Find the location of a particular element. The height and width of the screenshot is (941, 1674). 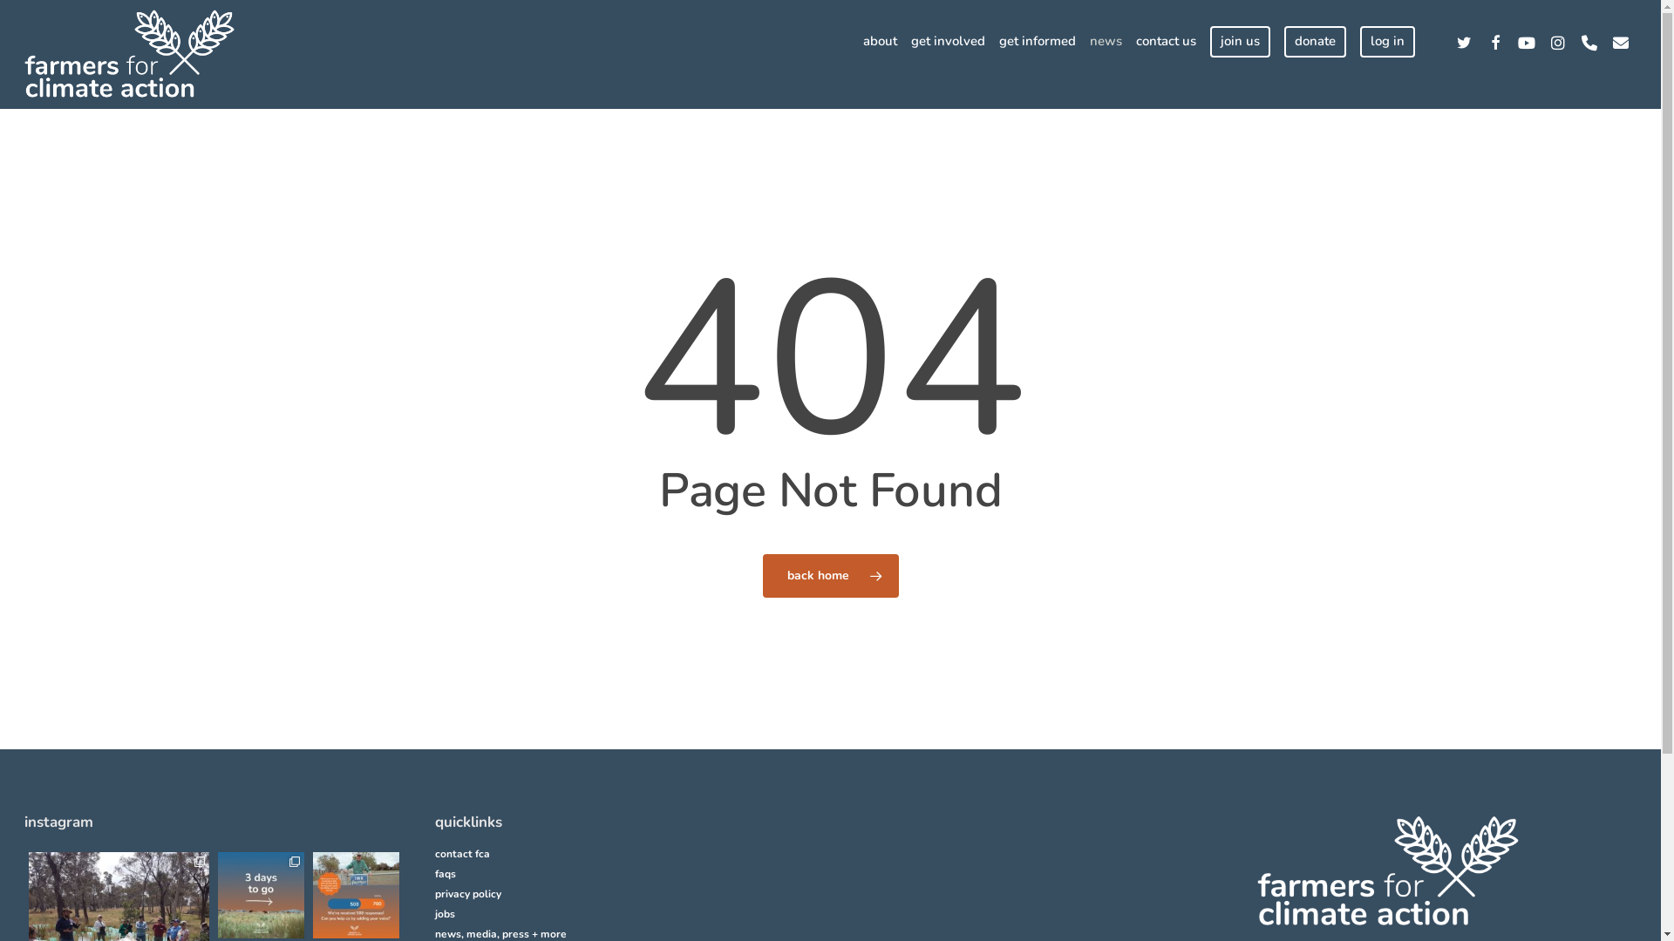

'log in' is located at coordinates (1386, 40).